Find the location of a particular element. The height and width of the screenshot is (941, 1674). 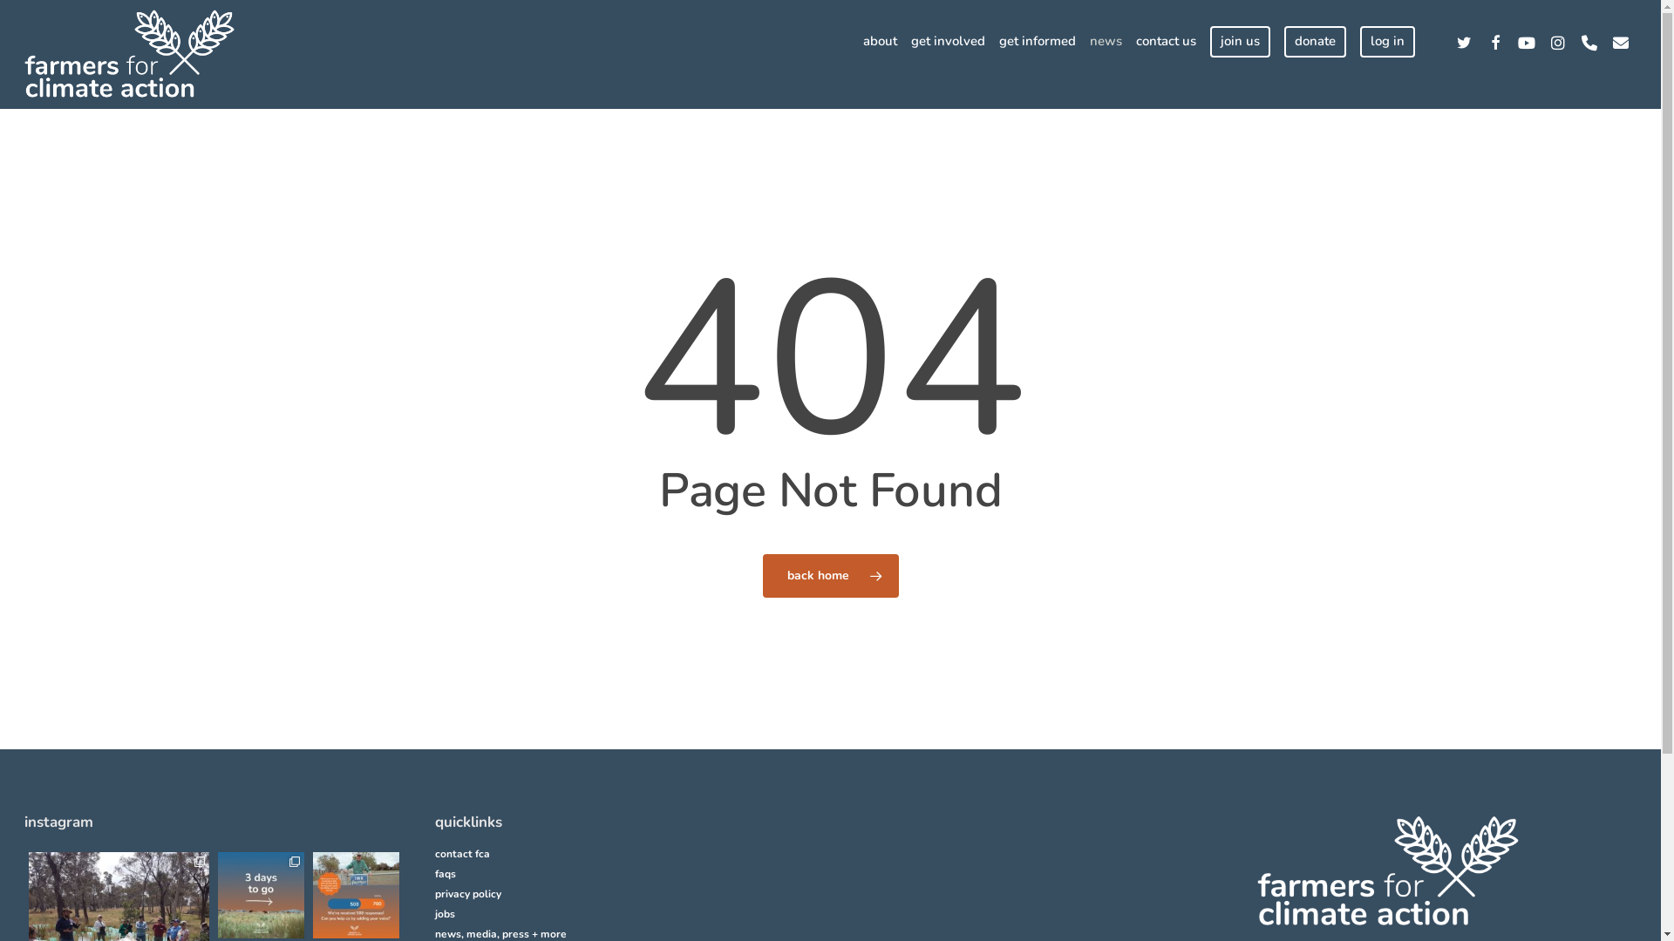

'log in' is located at coordinates (1386, 40).